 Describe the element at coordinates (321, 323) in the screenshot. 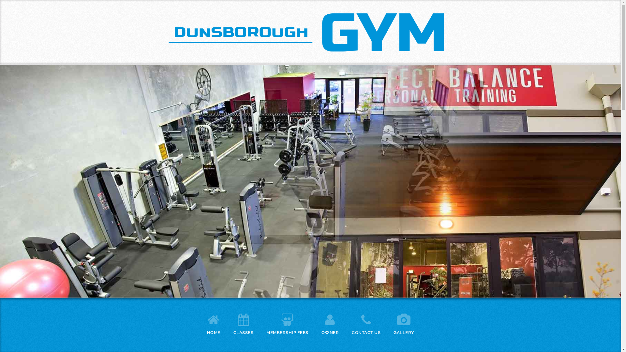

I see `'OWNER'` at that location.